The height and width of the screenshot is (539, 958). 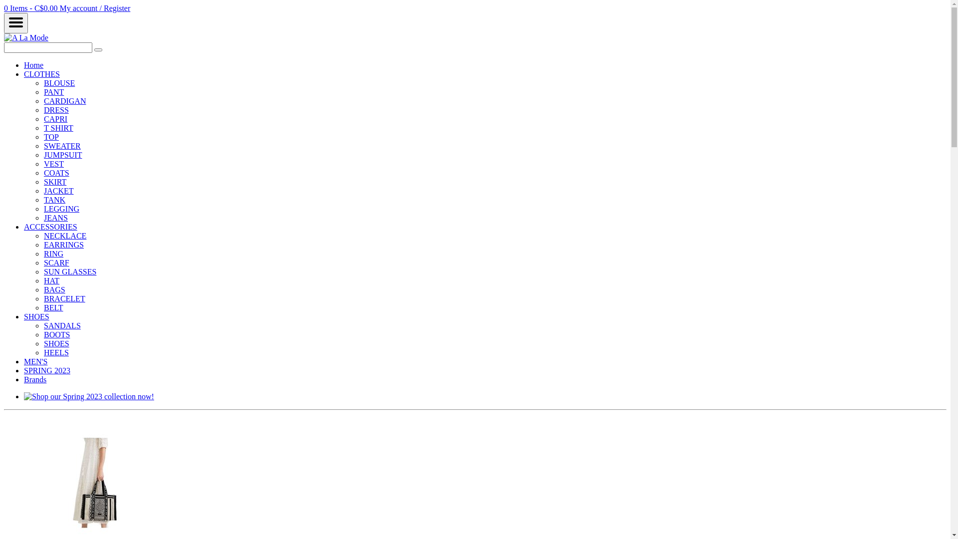 What do you see at coordinates (43, 271) in the screenshot?
I see `'SUN GLASSES'` at bounding box center [43, 271].